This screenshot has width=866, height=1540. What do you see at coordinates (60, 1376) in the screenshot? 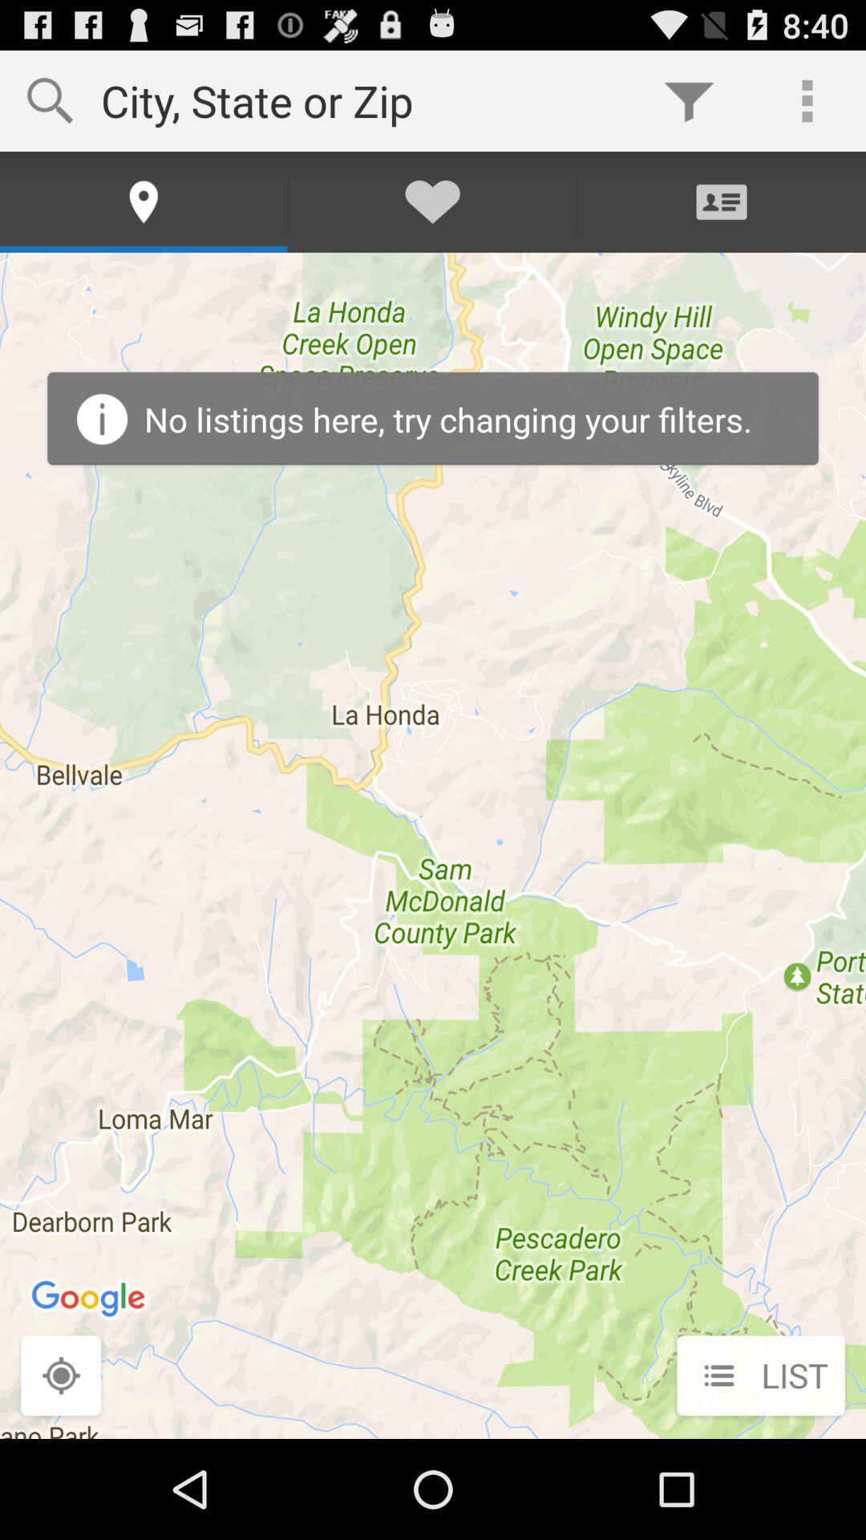
I see `the icon next to the list item` at bounding box center [60, 1376].